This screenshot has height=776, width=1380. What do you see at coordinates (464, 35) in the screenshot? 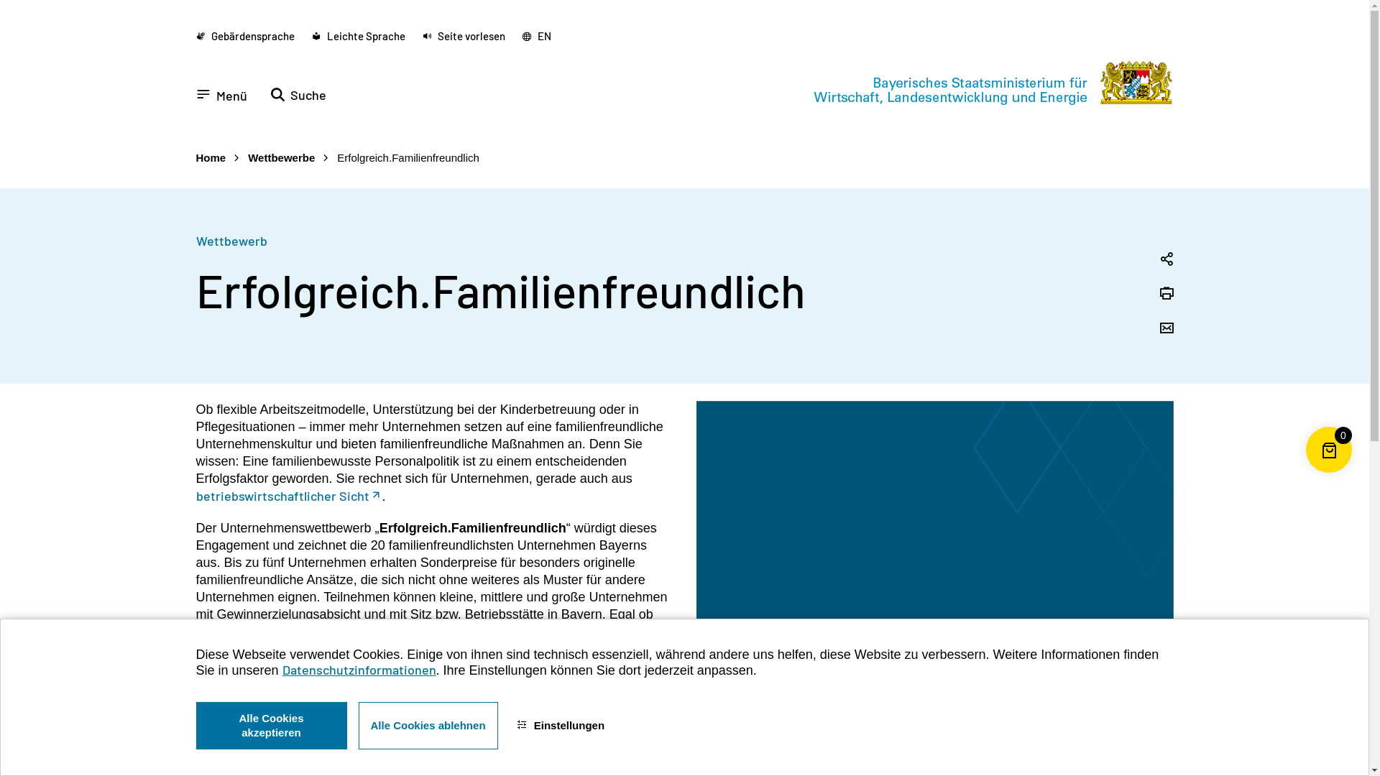
I see `'Seite vorlesen'` at bounding box center [464, 35].